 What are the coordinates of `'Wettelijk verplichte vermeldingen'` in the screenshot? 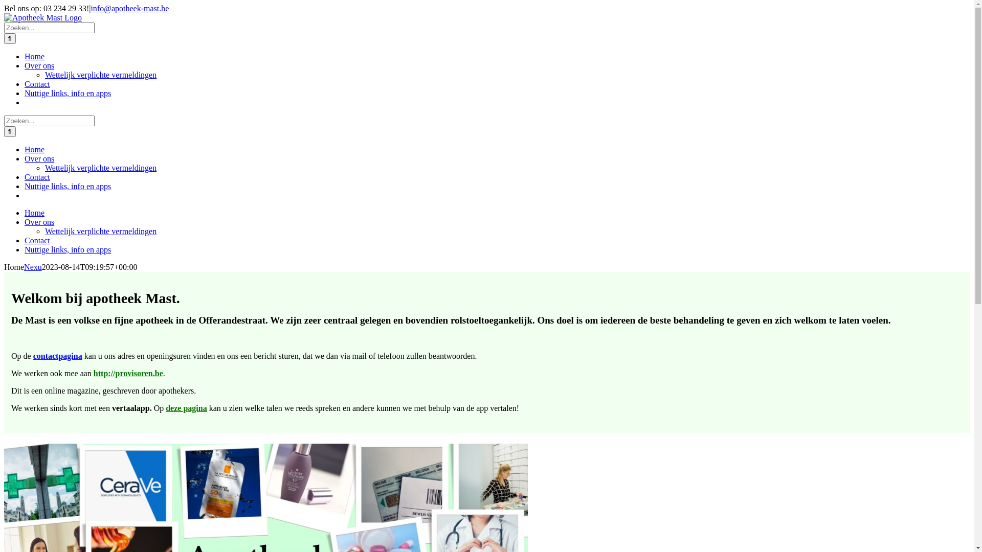 It's located at (44, 231).